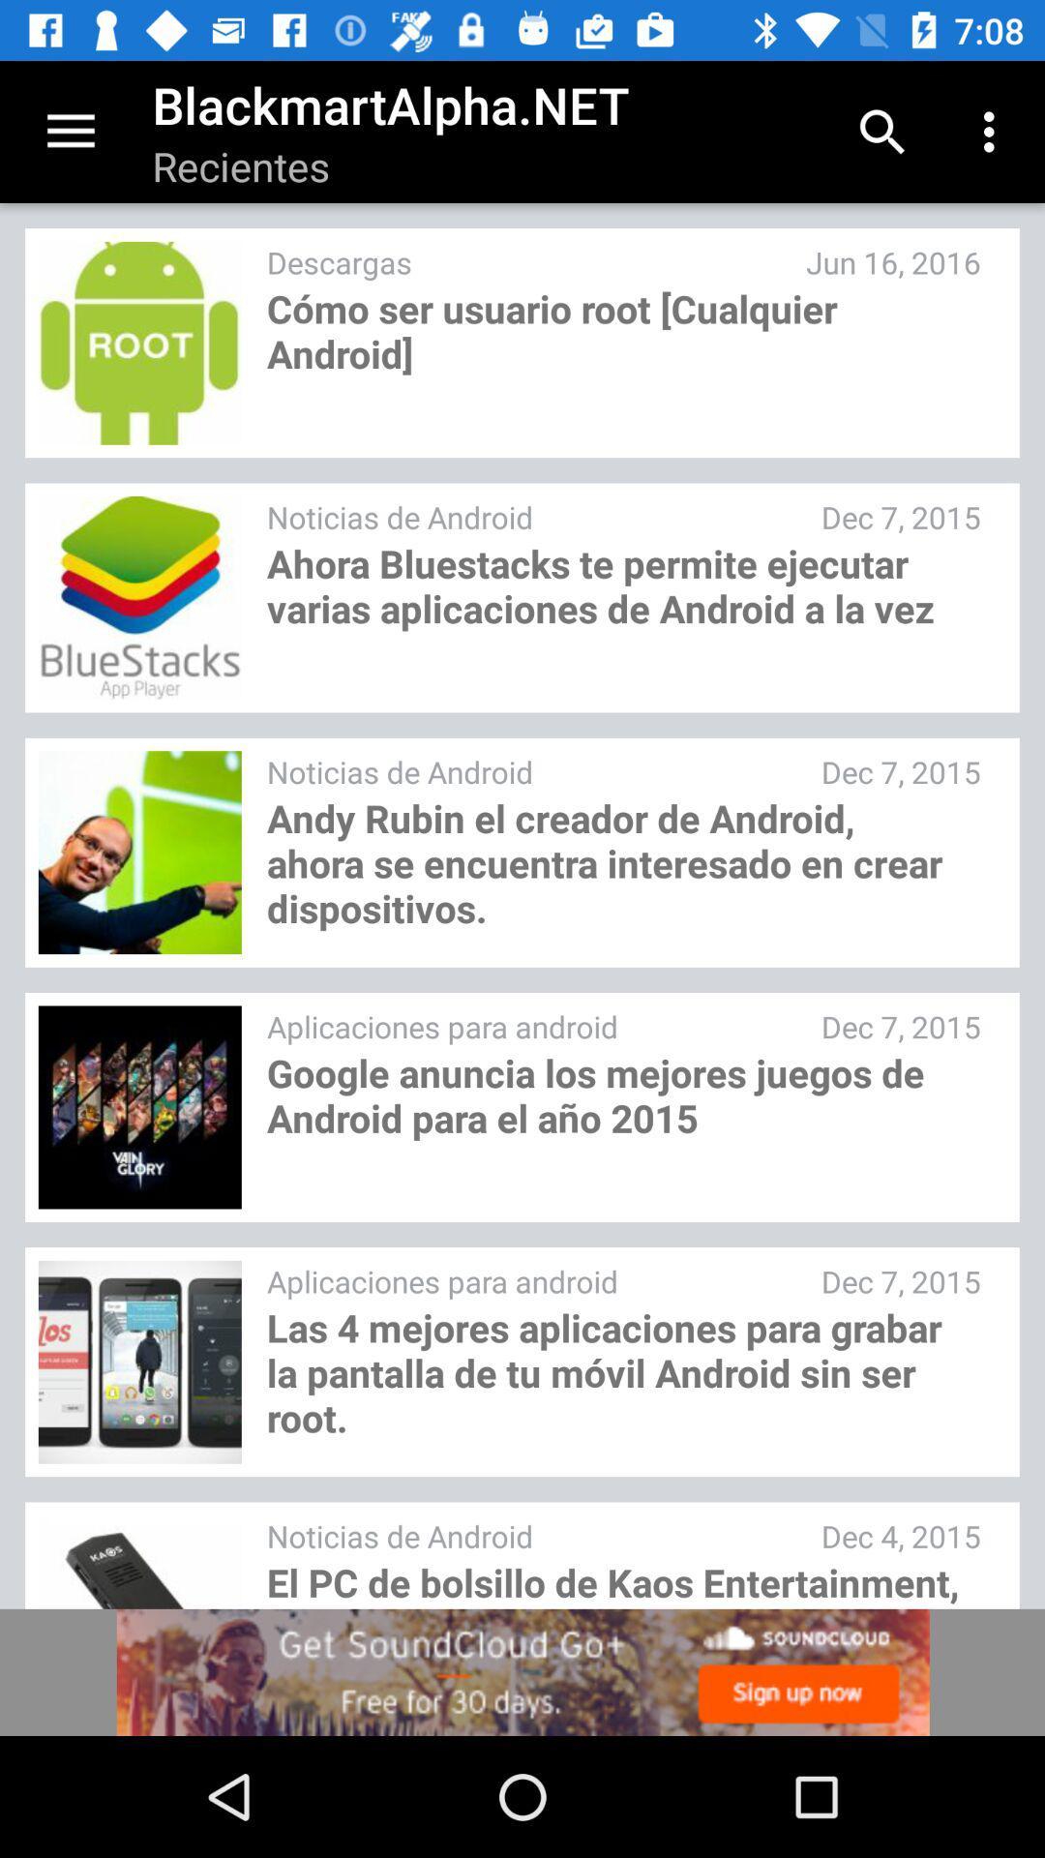  Describe the element at coordinates (522, 1671) in the screenshot. I see `open advertisement` at that location.